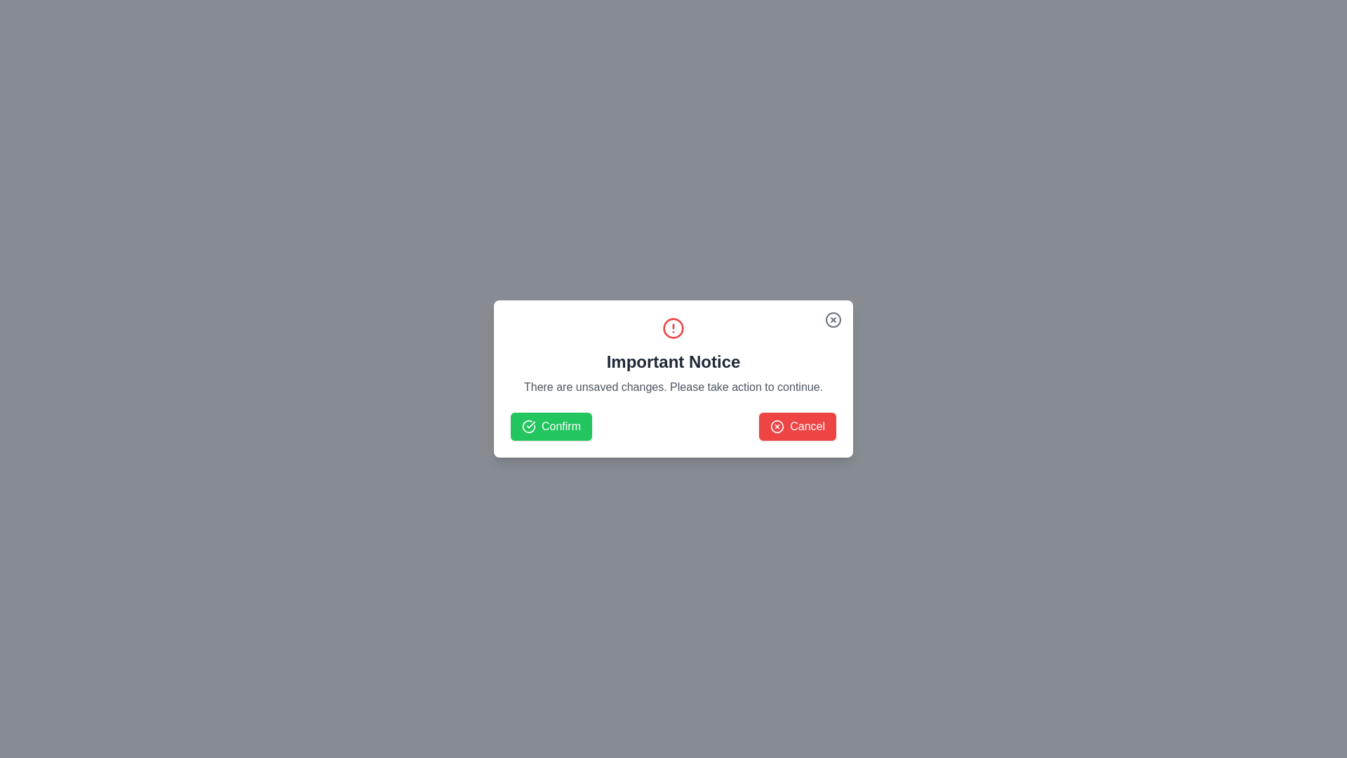 Image resolution: width=1347 pixels, height=758 pixels. Describe the element at coordinates (777, 426) in the screenshot. I see `the red circular icon with a white 'X' symbol, which is positioned to the left of the 'Cancel' text on the red 'Cancel' button in the confirmation dialog box` at that location.